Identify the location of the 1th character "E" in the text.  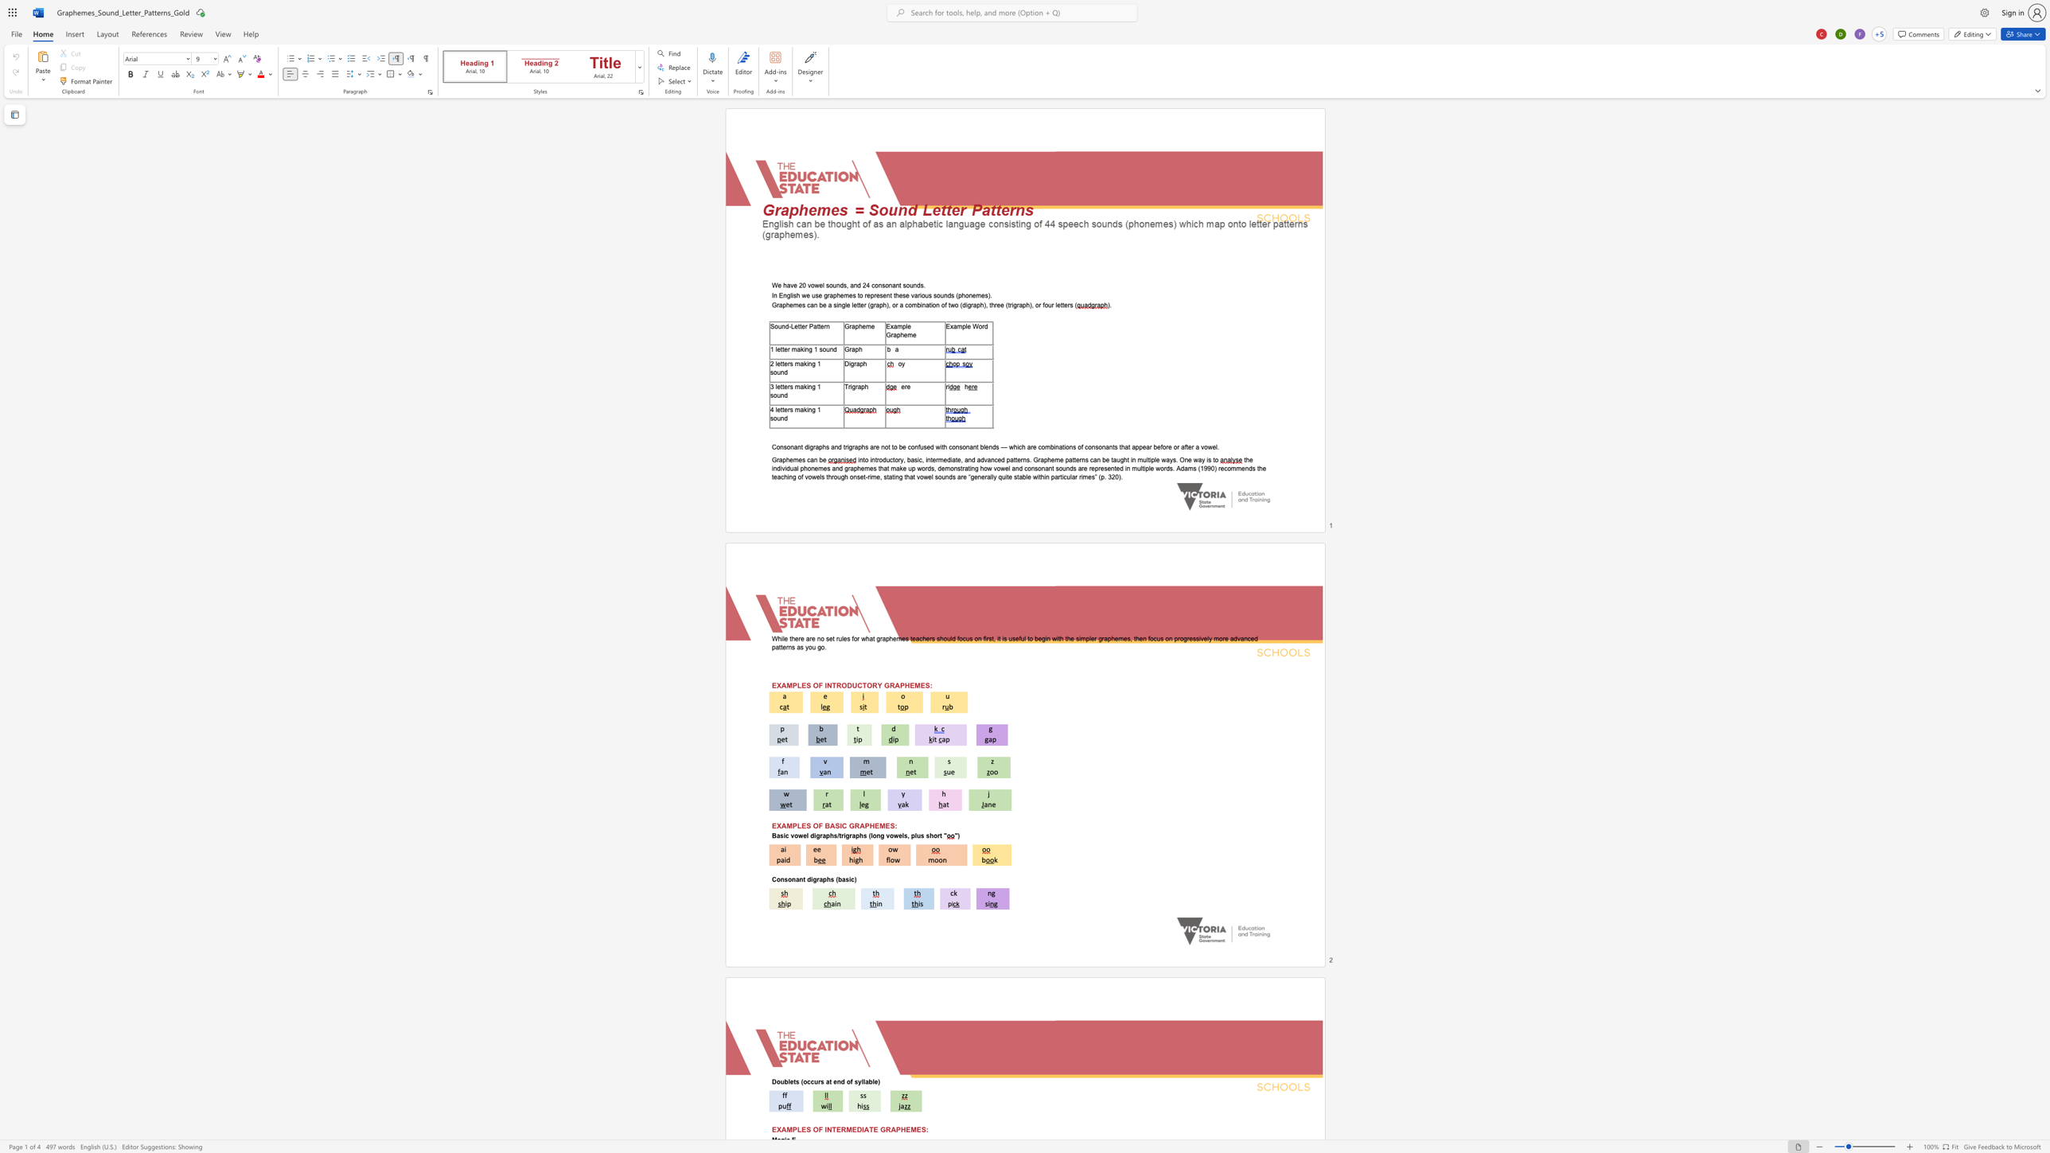
(781, 294).